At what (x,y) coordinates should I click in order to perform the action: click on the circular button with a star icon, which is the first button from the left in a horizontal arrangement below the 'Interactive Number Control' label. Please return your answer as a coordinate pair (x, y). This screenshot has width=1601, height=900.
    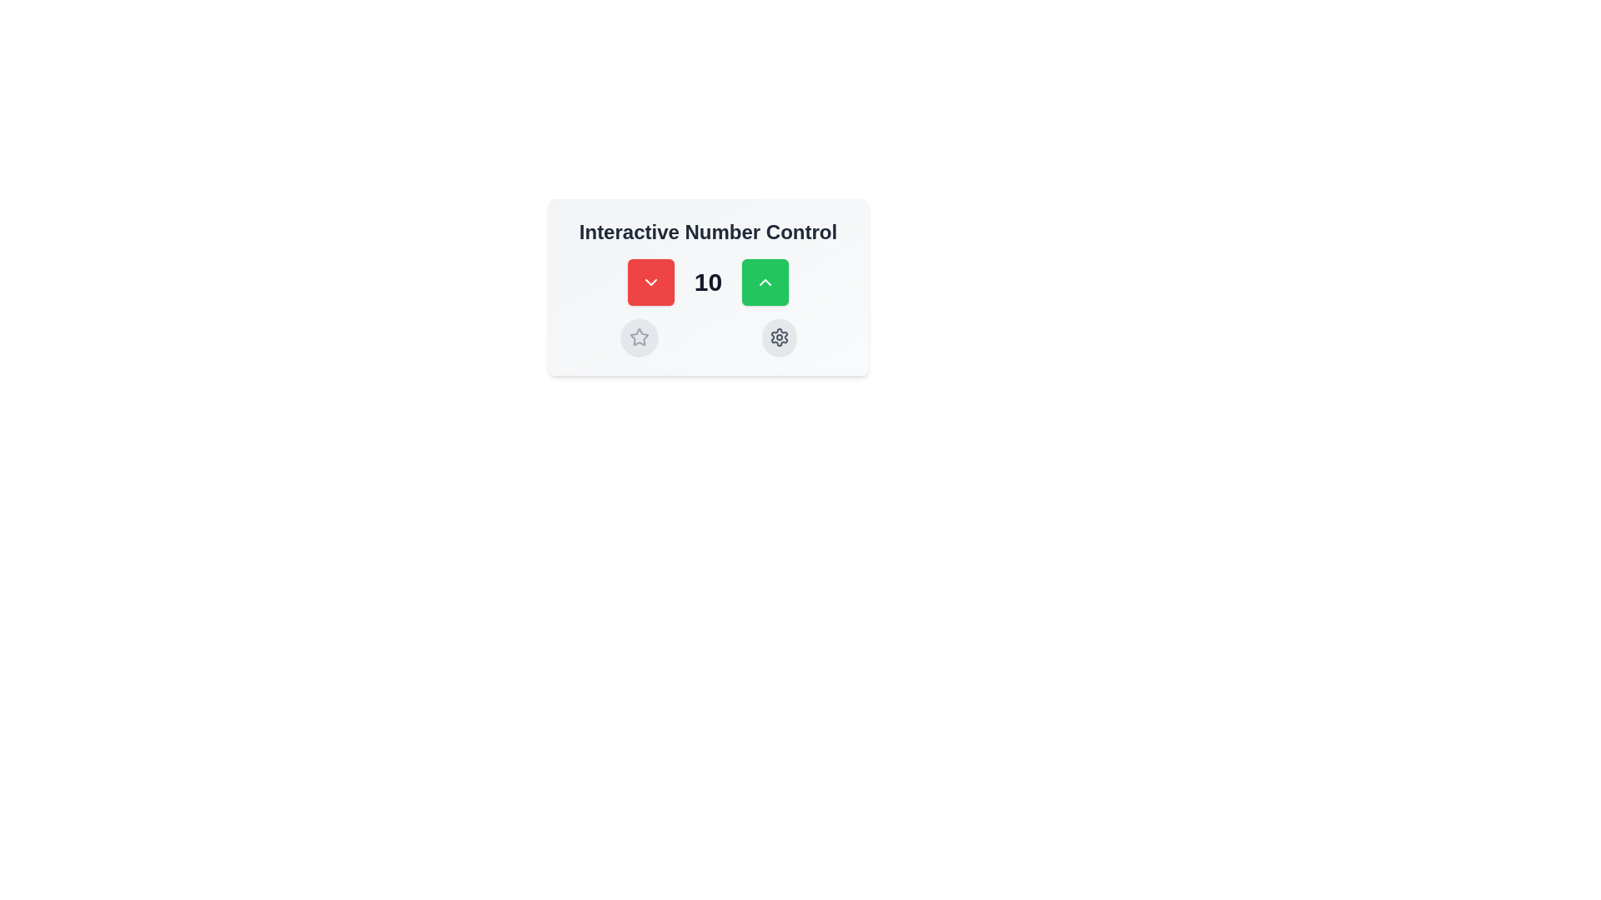
    Looking at the image, I should click on (638, 337).